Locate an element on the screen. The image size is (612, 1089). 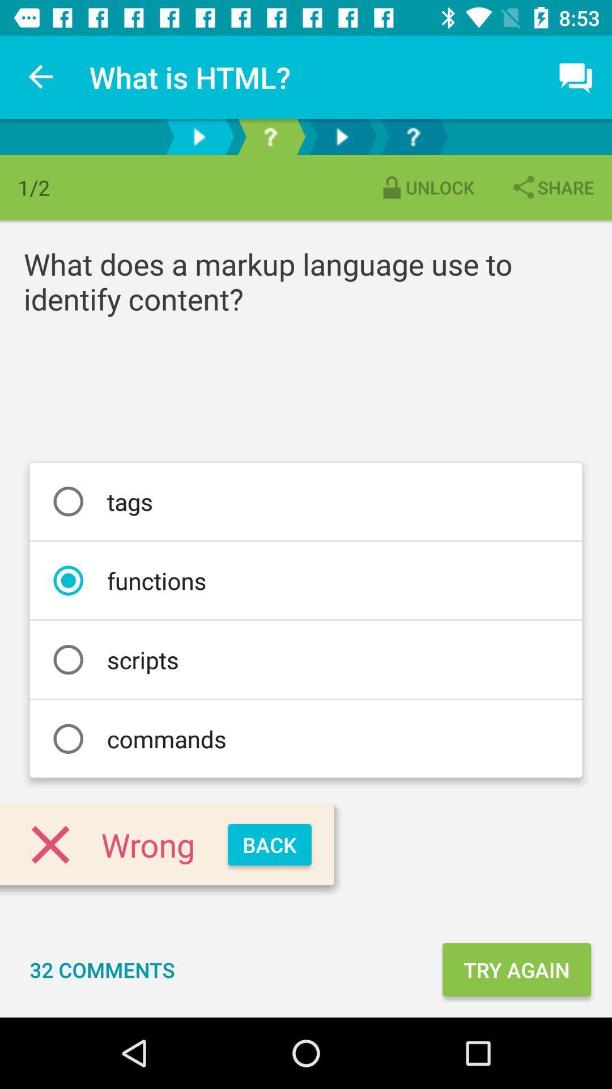
item above 1/2 icon is located at coordinates (41, 77).